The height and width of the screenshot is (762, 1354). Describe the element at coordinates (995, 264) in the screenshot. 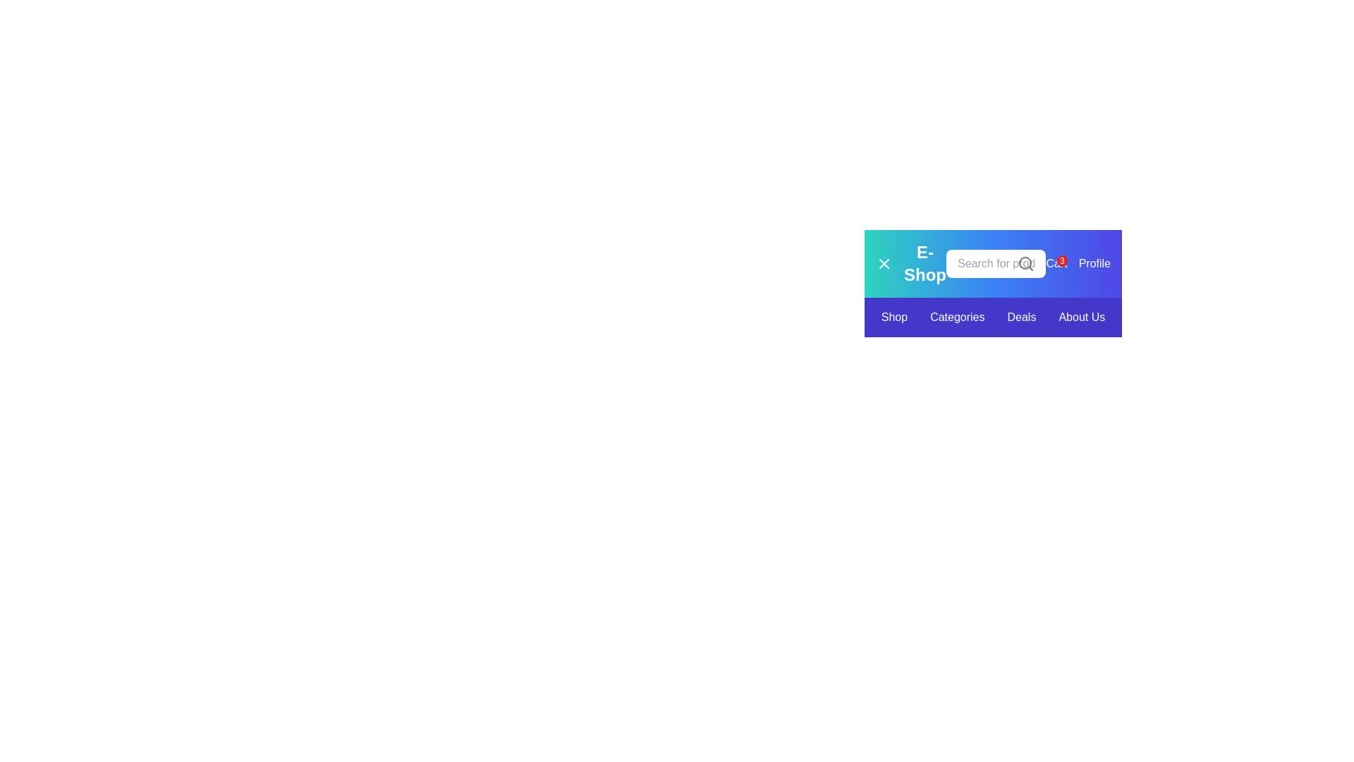

I see `to focus on the text input field for product search located centrally in the header section, between the 'E-Shop' logo and the cart/profile options` at that location.